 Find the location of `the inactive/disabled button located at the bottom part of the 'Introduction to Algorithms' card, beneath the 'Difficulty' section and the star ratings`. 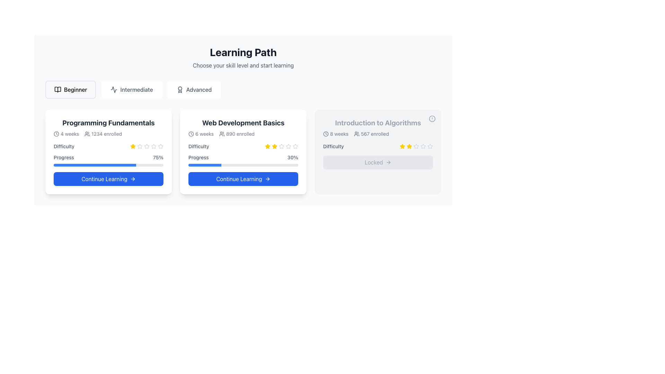

the inactive/disabled button located at the bottom part of the 'Introduction to Algorithms' card, beneath the 'Difficulty' section and the star ratings is located at coordinates (378, 162).